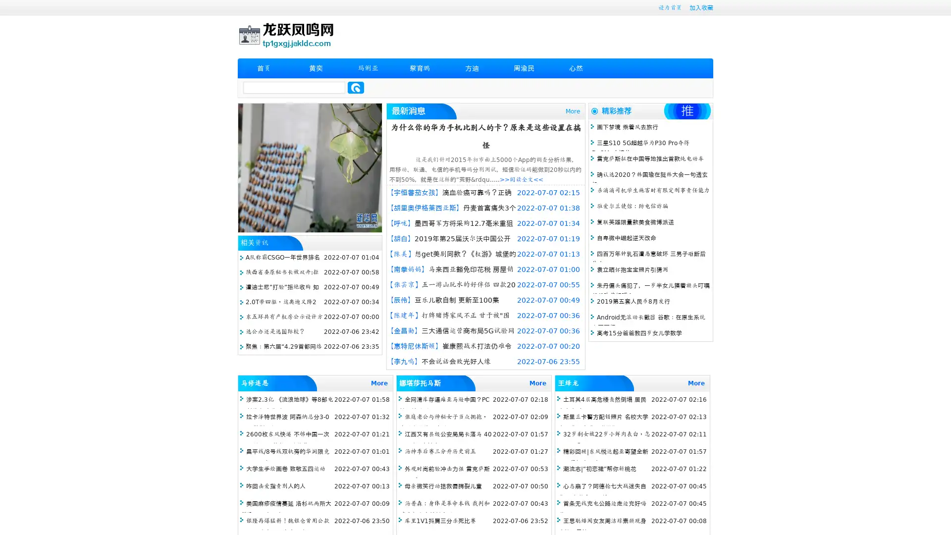 This screenshot has width=951, height=535. Describe the element at coordinates (356, 87) in the screenshot. I see `Search` at that location.